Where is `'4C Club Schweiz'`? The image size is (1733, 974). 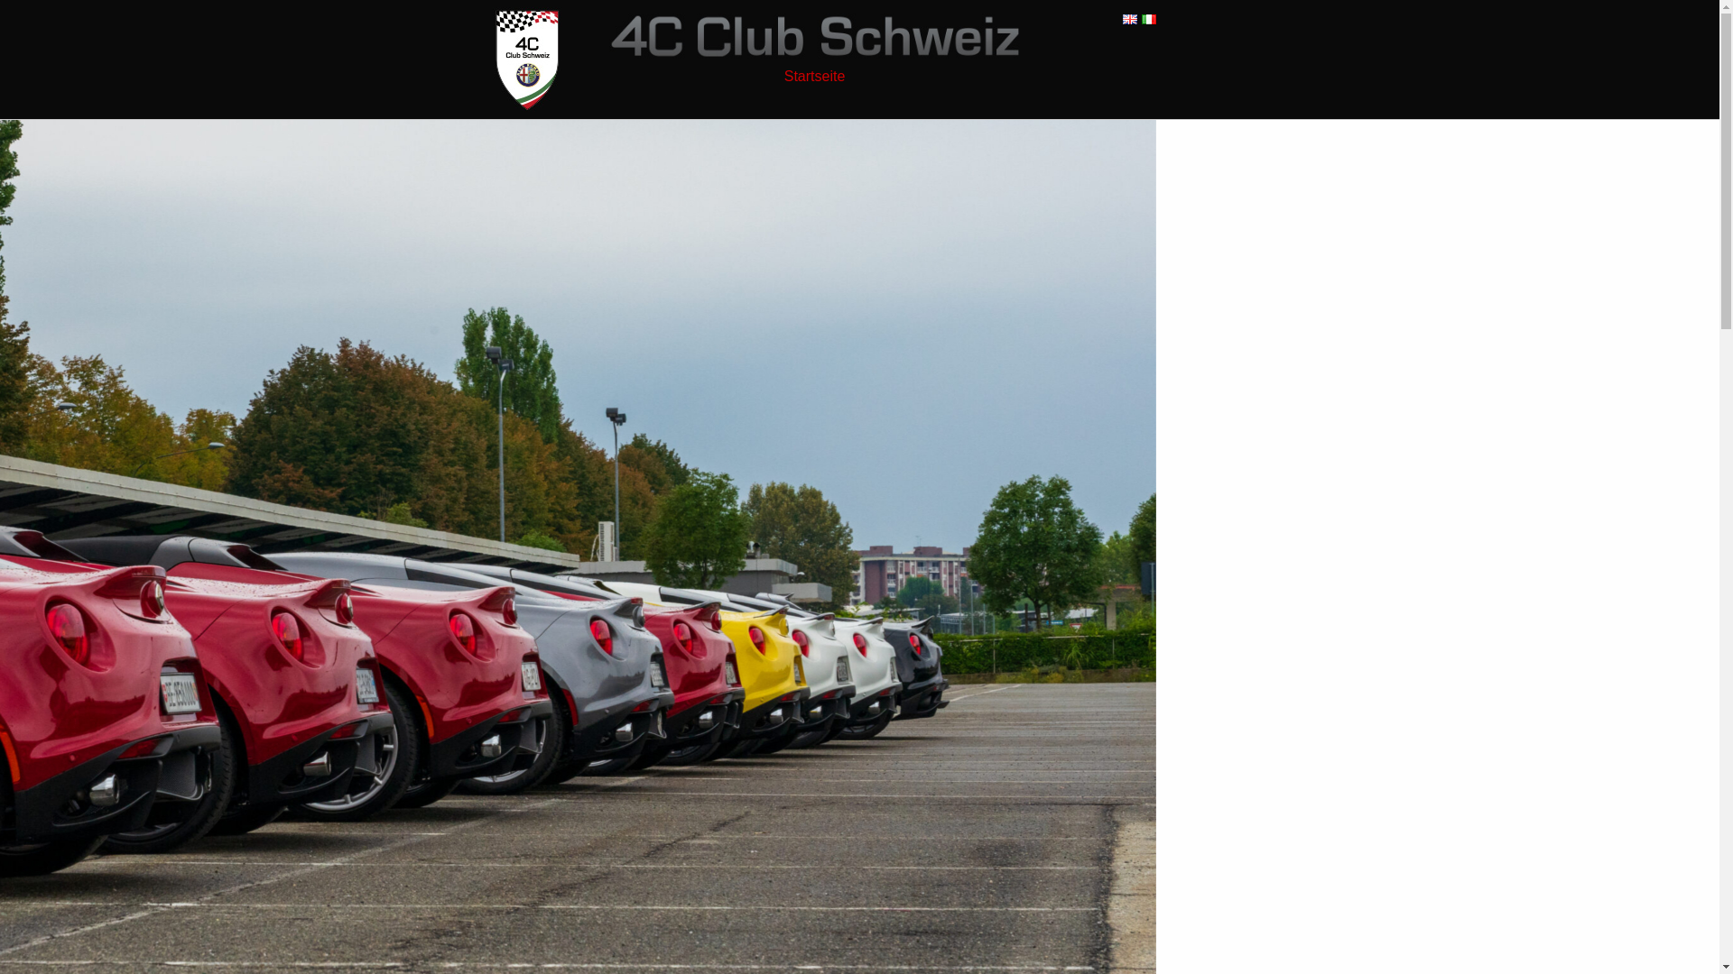 '4C Club Schweiz' is located at coordinates (493, 58).